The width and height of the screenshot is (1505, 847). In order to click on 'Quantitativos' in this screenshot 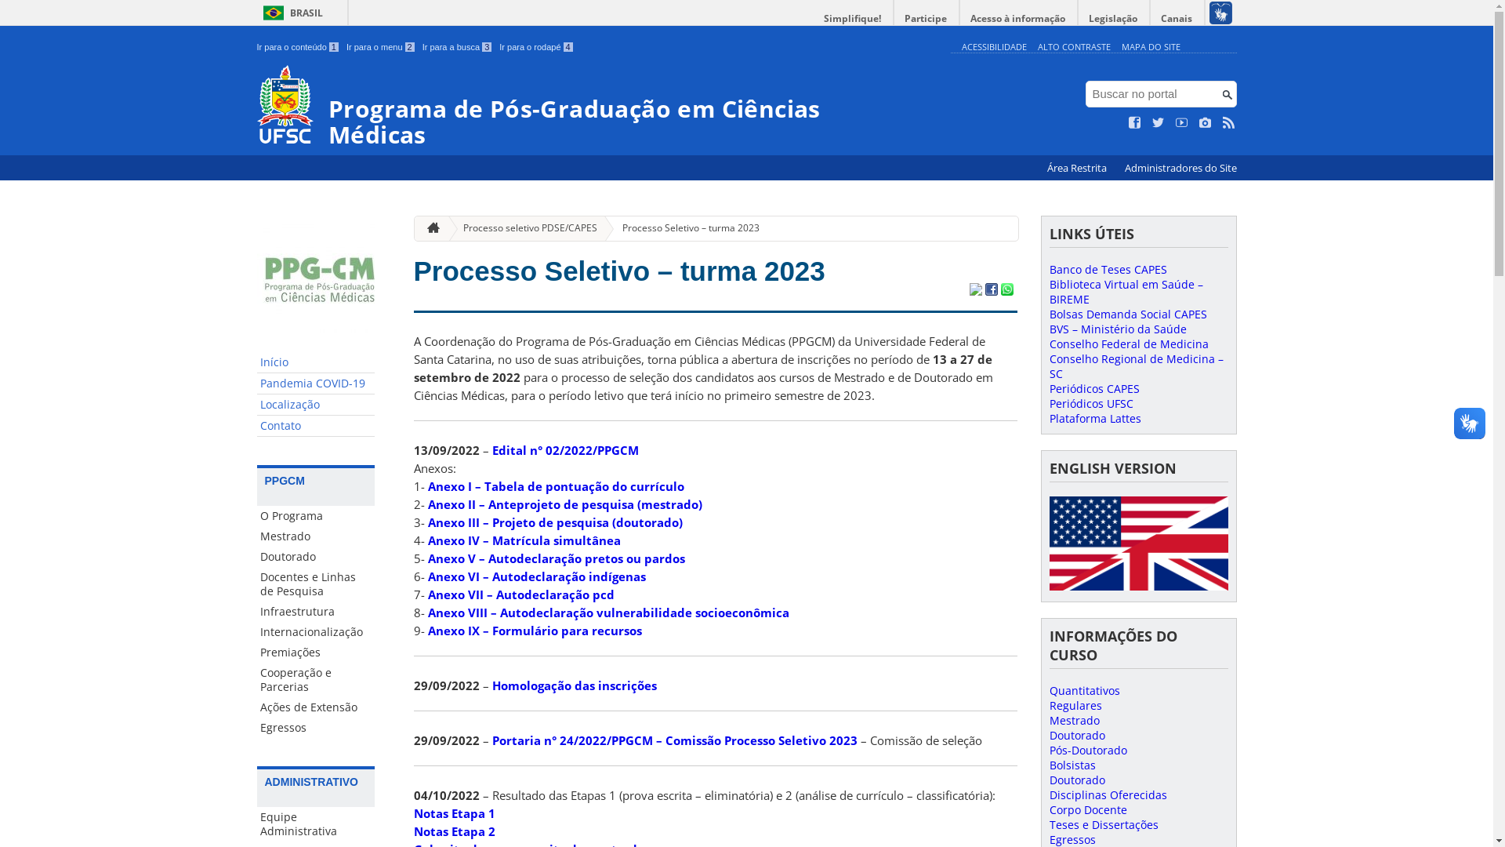, I will do `click(1049, 689)`.